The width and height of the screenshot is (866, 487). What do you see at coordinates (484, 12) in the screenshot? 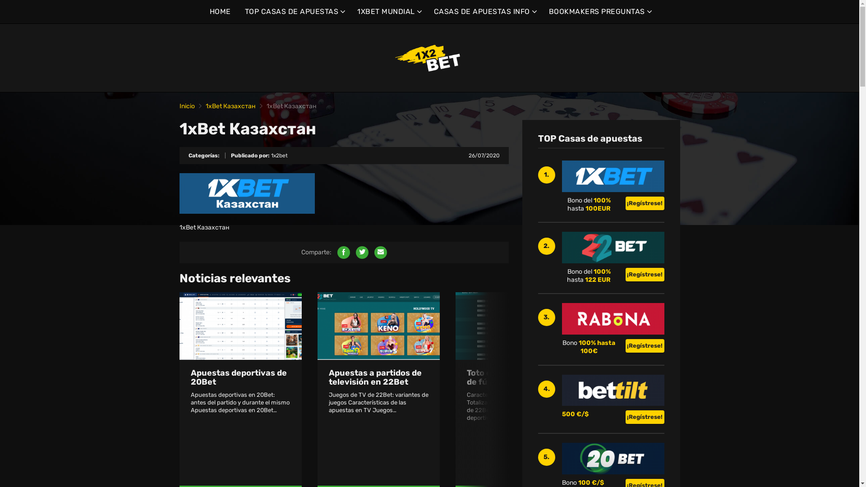
I see `'CASAS DE APUESTAS INFO'` at bounding box center [484, 12].